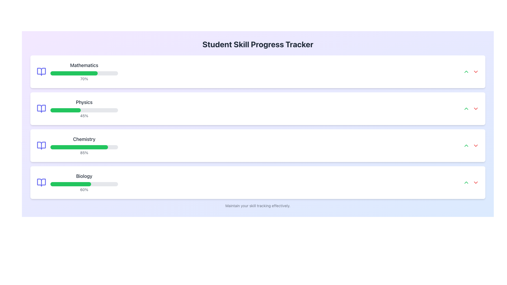 The width and height of the screenshot is (507, 285). What do you see at coordinates (77, 145) in the screenshot?
I see `displayed information from the Progress Indicator, which is the third entry in a vertical list layout, positioned below Mathematics and Physics` at bounding box center [77, 145].